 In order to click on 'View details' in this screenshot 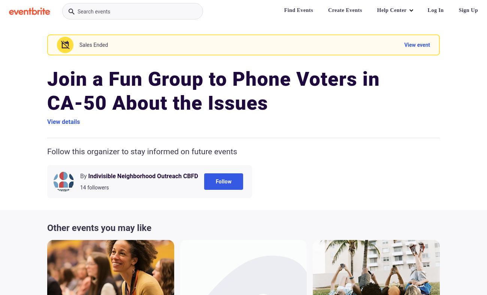, I will do `click(46, 122)`.